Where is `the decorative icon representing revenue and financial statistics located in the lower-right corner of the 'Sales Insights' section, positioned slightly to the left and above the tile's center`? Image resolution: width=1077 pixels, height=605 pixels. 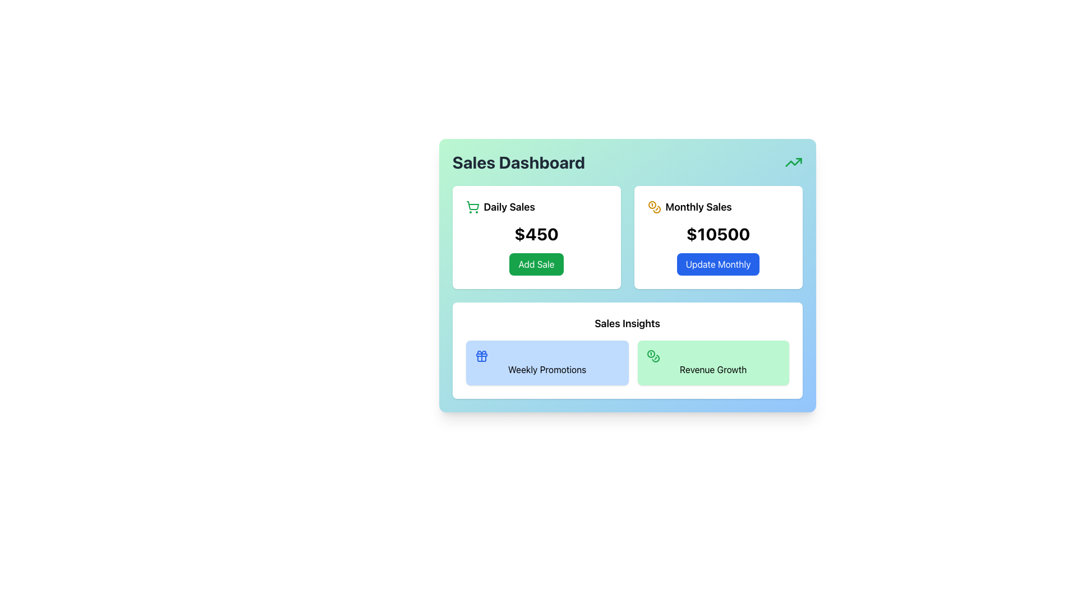 the decorative icon representing revenue and financial statistics located in the lower-right corner of the 'Sales Insights' section, positioned slightly to the left and above the tile's center is located at coordinates (653, 356).